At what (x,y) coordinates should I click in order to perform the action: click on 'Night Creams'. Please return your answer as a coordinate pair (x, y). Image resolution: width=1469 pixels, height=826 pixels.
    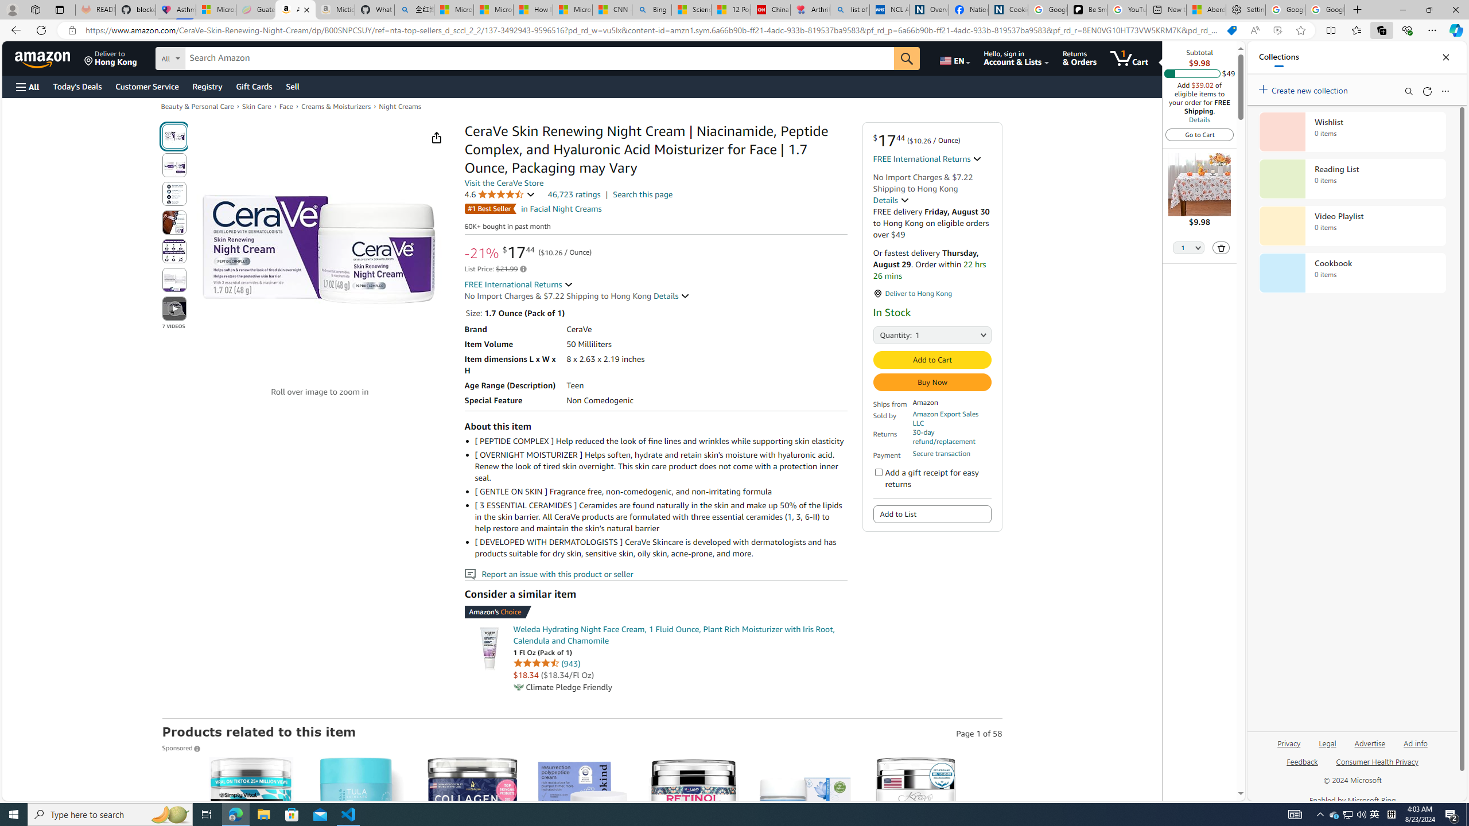
    Looking at the image, I should click on (400, 106).